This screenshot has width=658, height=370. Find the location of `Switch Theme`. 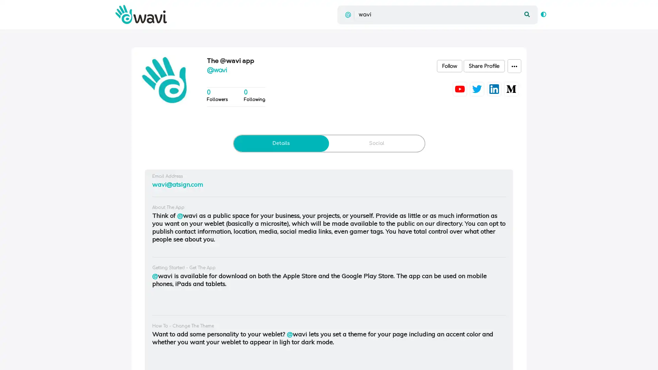

Switch Theme is located at coordinates (543, 14).